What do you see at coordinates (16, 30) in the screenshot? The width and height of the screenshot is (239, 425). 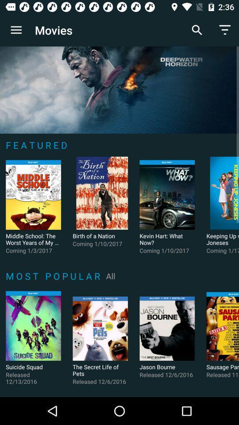 I see `icon to the left of the movies icon` at bounding box center [16, 30].